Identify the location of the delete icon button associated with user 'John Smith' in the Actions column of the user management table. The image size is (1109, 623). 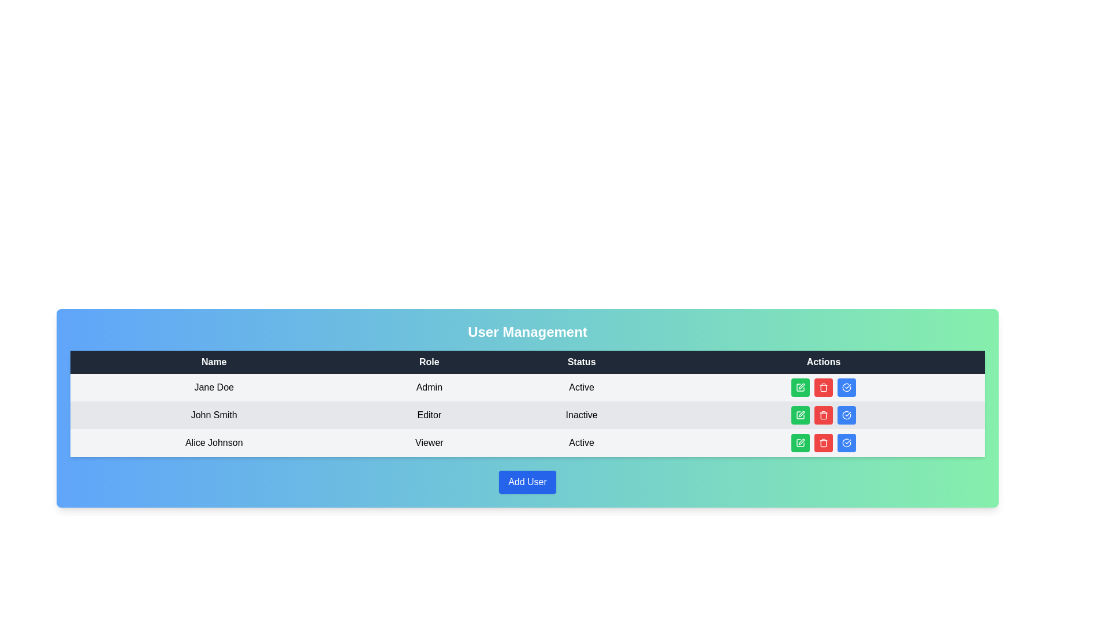
(823, 387).